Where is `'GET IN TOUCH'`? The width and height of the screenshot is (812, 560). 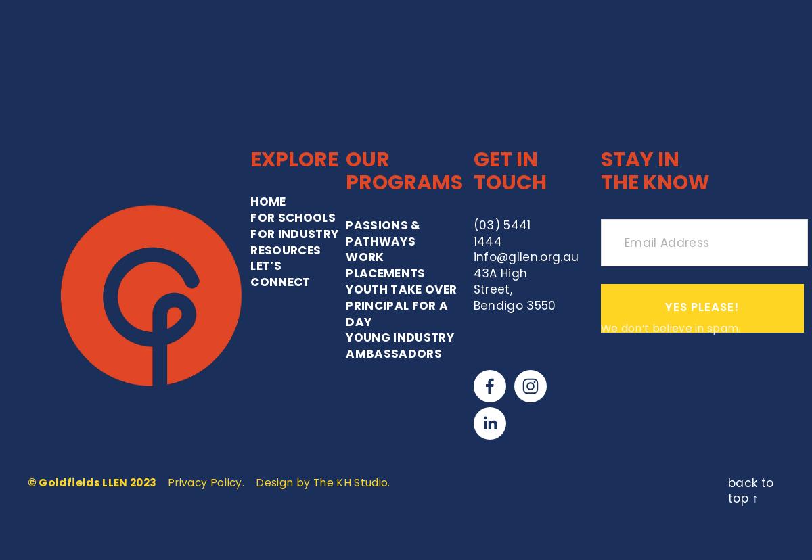
'GET IN TOUCH' is located at coordinates (473, 37).